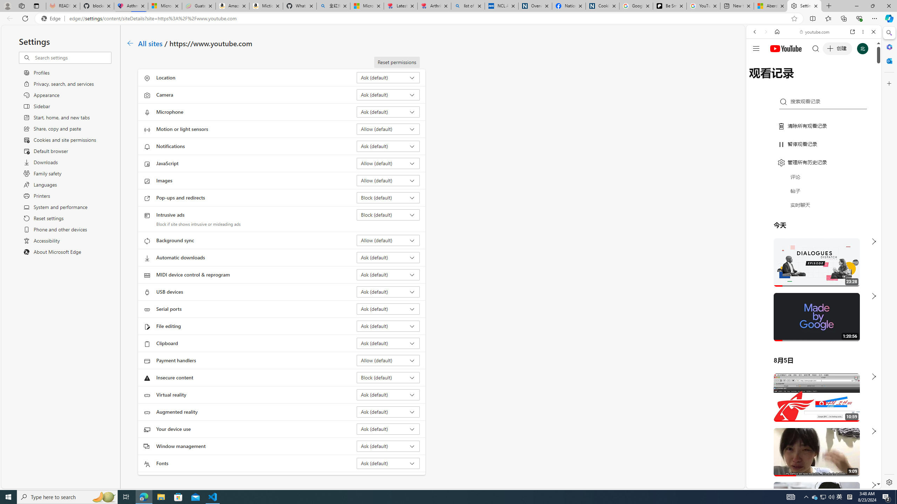  What do you see at coordinates (388, 463) in the screenshot?
I see `'Fonts Ask (default)'` at bounding box center [388, 463].